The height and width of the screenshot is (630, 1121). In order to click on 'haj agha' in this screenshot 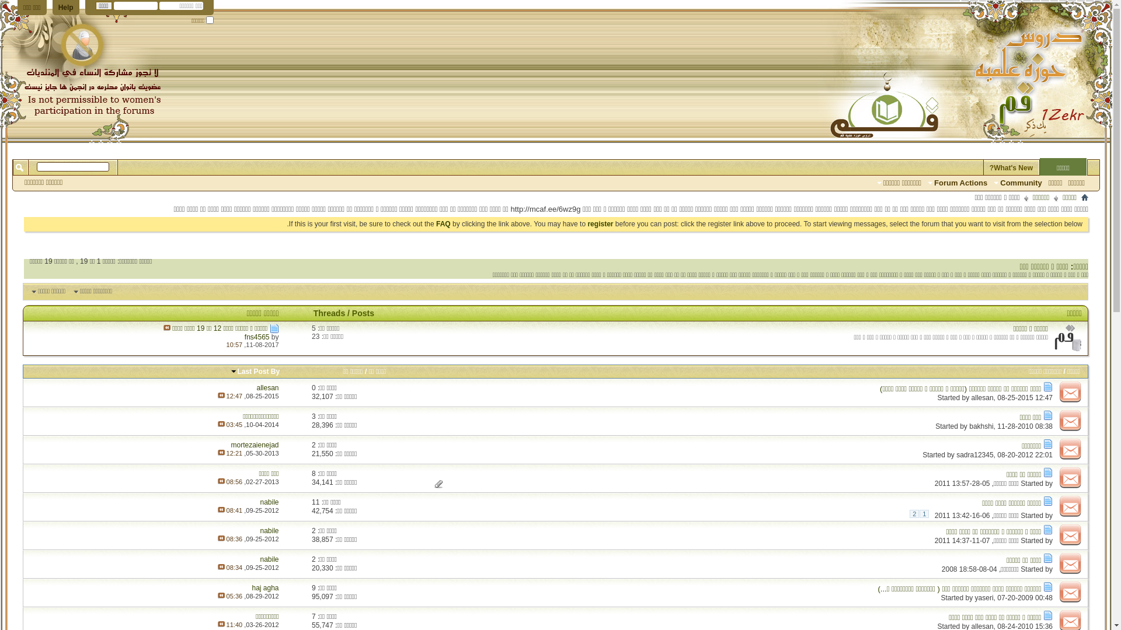, I will do `click(265, 587)`.